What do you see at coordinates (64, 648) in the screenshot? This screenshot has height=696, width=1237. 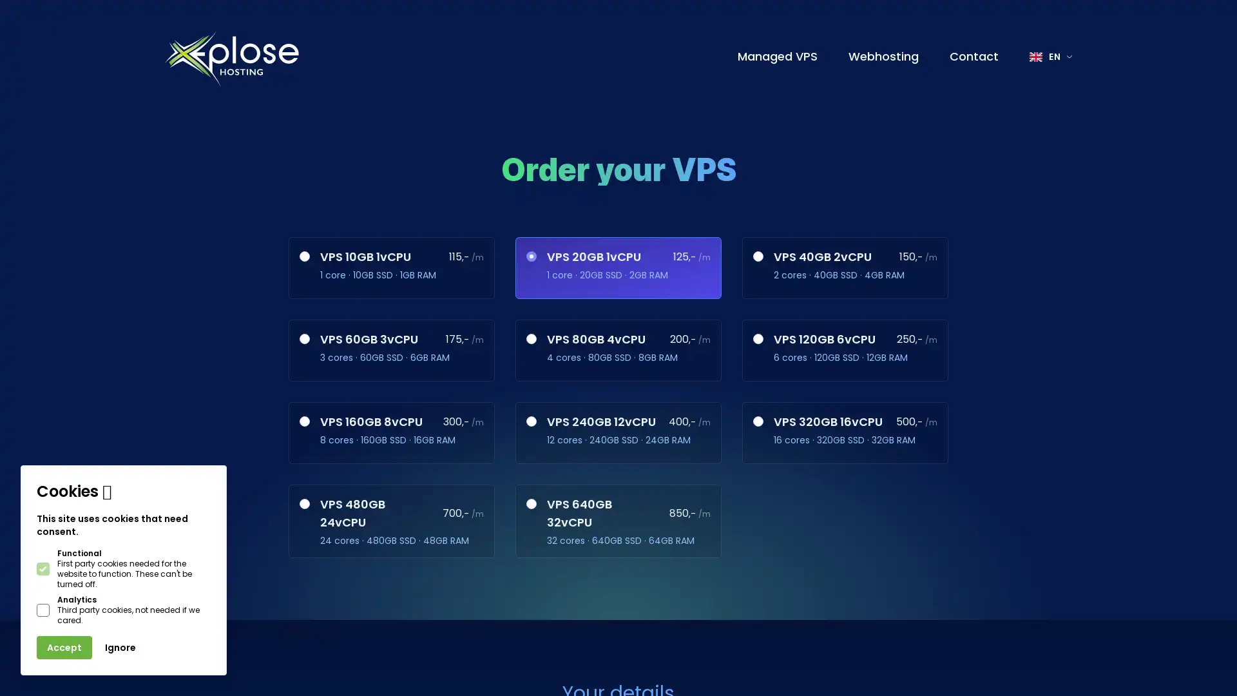 I see `Accept` at bounding box center [64, 648].